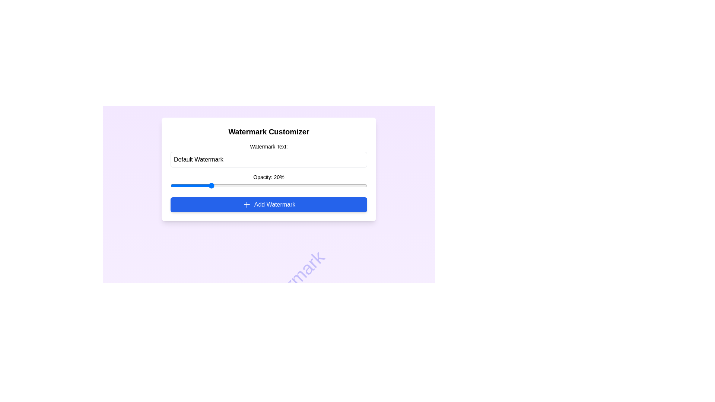 The height and width of the screenshot is (402, 715). Describe the element at coordinates (268, 131) in the screenshot. I see `text from the Text Header element, which is styled with a bold, large font and contains the text 'Watermark Customizer'` at that location.